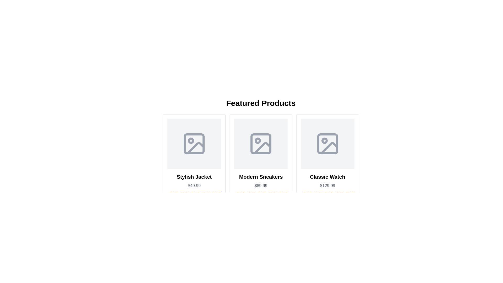 The height and width of the screenshot is (283, 503). I want to click on the gray slanted line forming part of the image placeholder icon in the first product display card under 'Stylish Jacket', so click(195, 148).